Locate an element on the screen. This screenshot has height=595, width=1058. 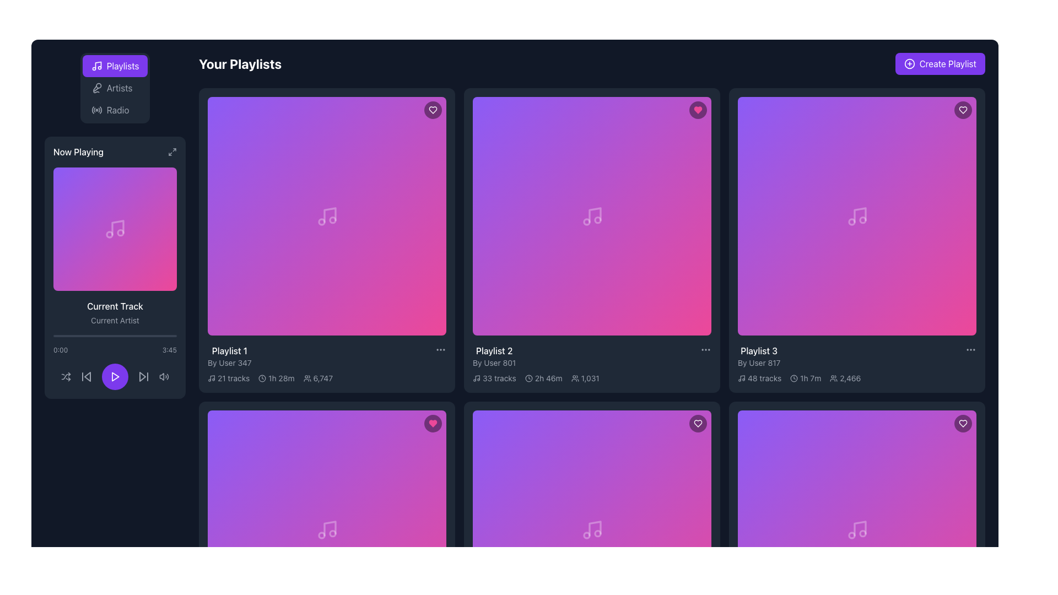
time displayed on the Text Label showing '3:45' in a light gray font, located in the bottom right of the 'Now Playing' panel is located at coordinates (169, 350).